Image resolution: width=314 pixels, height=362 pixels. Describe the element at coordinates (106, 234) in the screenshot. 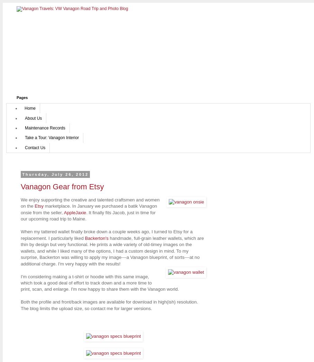

I see `'When my tattered wallet finally broke down a couple weeks ago, I turned to Etsy for a replacement. I particularly liked'` at that location.